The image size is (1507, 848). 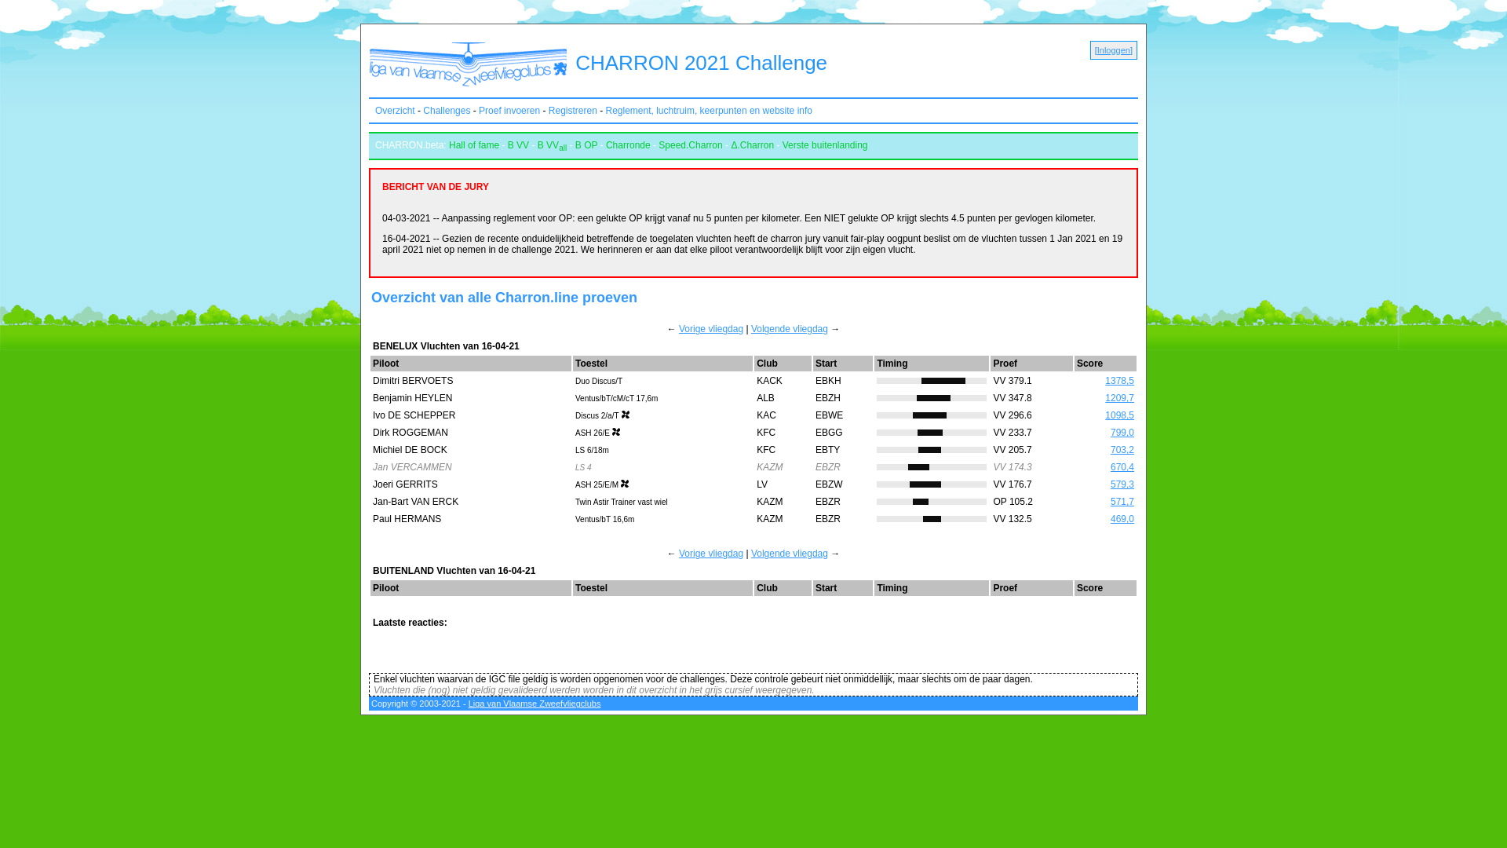 What do you see at coordinates (1118, 414) in the screenshot?
I see `'1098,5'` at bounding box center [1118, 414].